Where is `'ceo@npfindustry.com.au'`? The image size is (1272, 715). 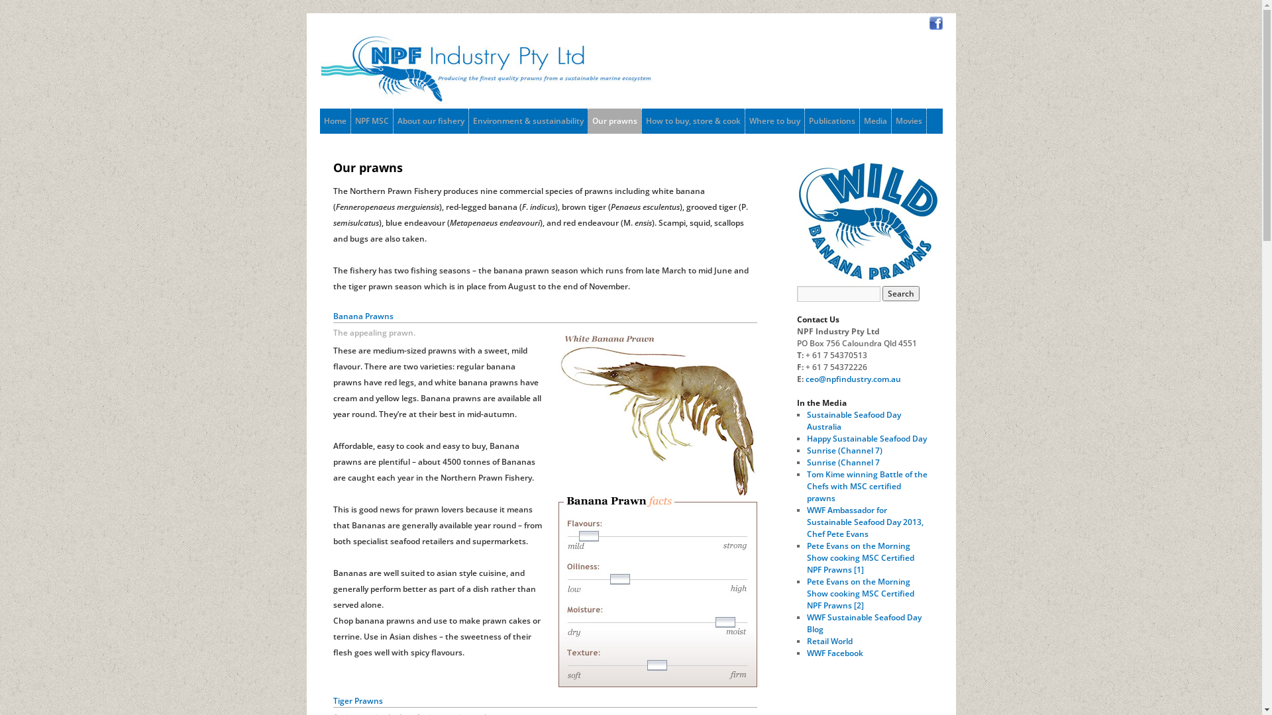 'ceo@npfindustry.com.au' is located at coordinates (804, 379).